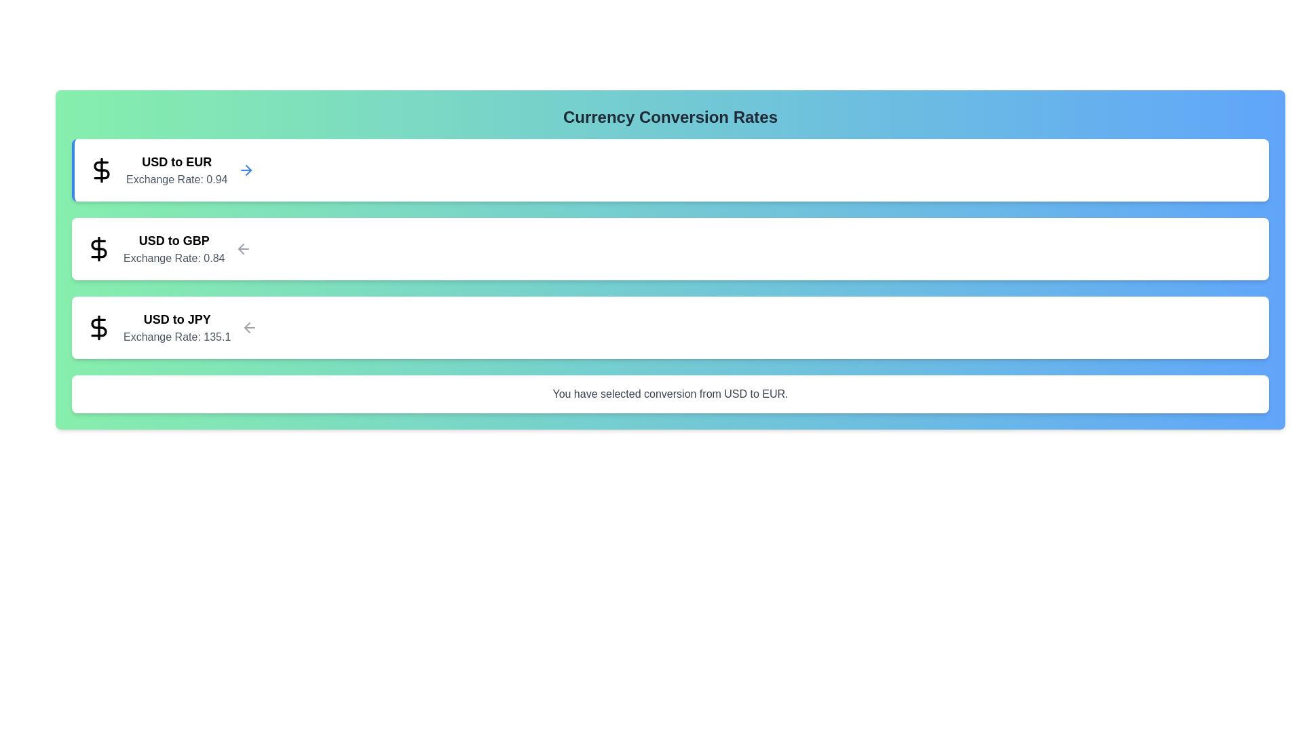 The image size is (1303, 733). Describe the element at coordinates (100, 169) in the screenshot. I see `the U.S. dollar currency icon located on the left side of the top card in the currency conversion interface, which displays the 'USD to EUR Exchange Rate: 0.94'` at that location.